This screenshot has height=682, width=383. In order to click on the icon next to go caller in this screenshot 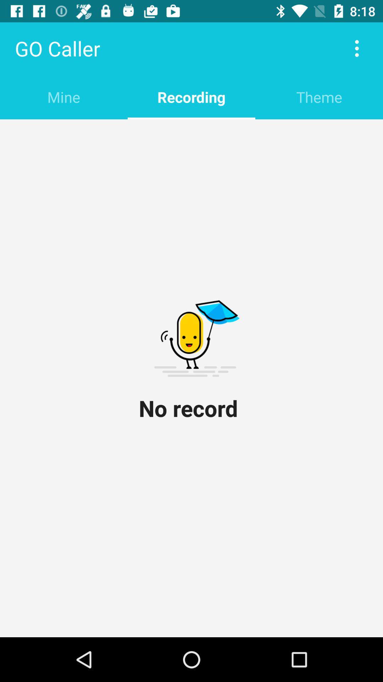, I will do `click(357, 48)`.